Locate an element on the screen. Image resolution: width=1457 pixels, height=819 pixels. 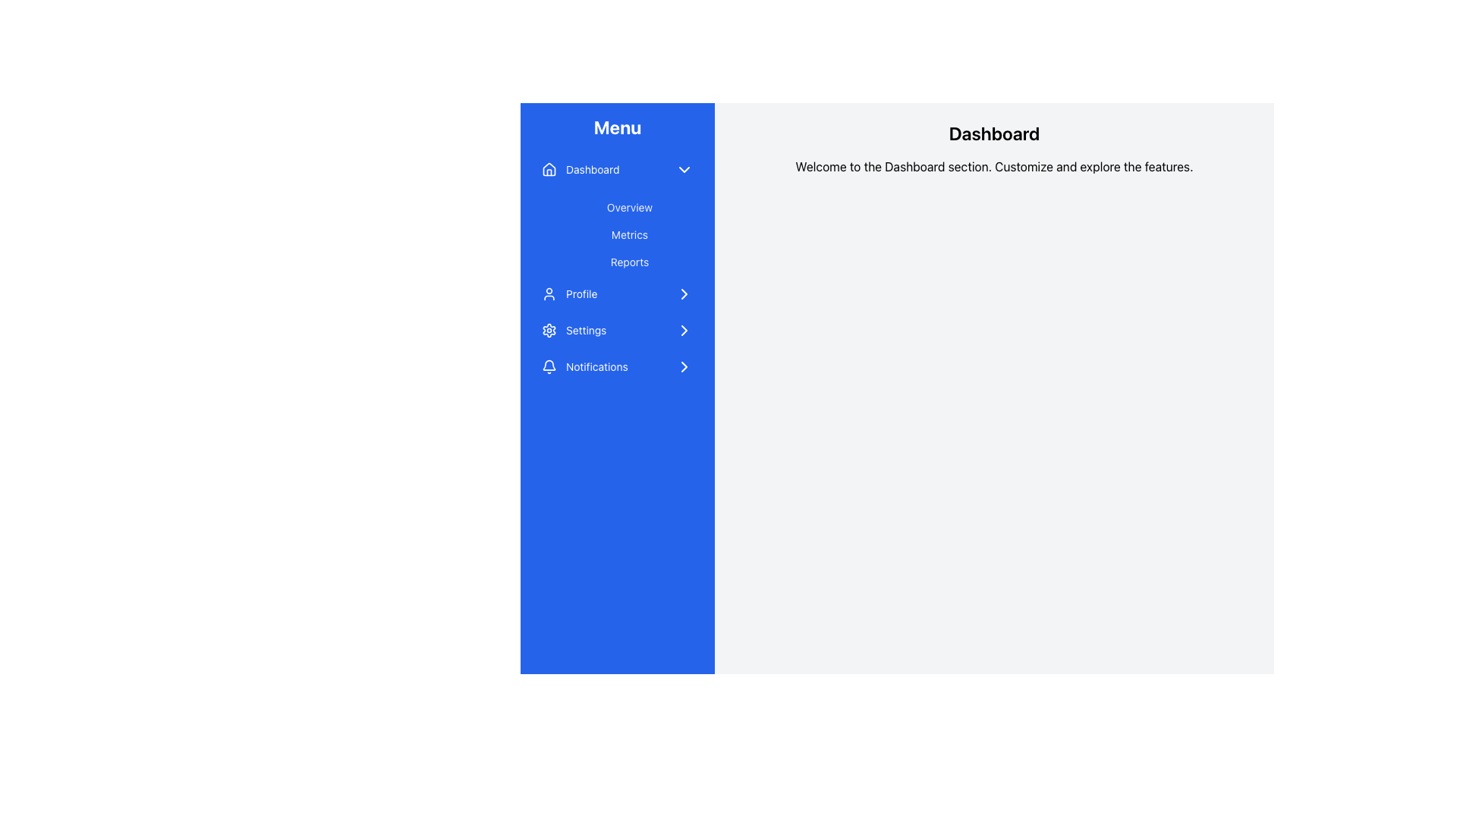
the Right-pointing chevron icon located to the right of the 'Profile' text entry in the vertical menu list to indicate expandability or navigation towards the profile section is located at coordinates (684, 294).